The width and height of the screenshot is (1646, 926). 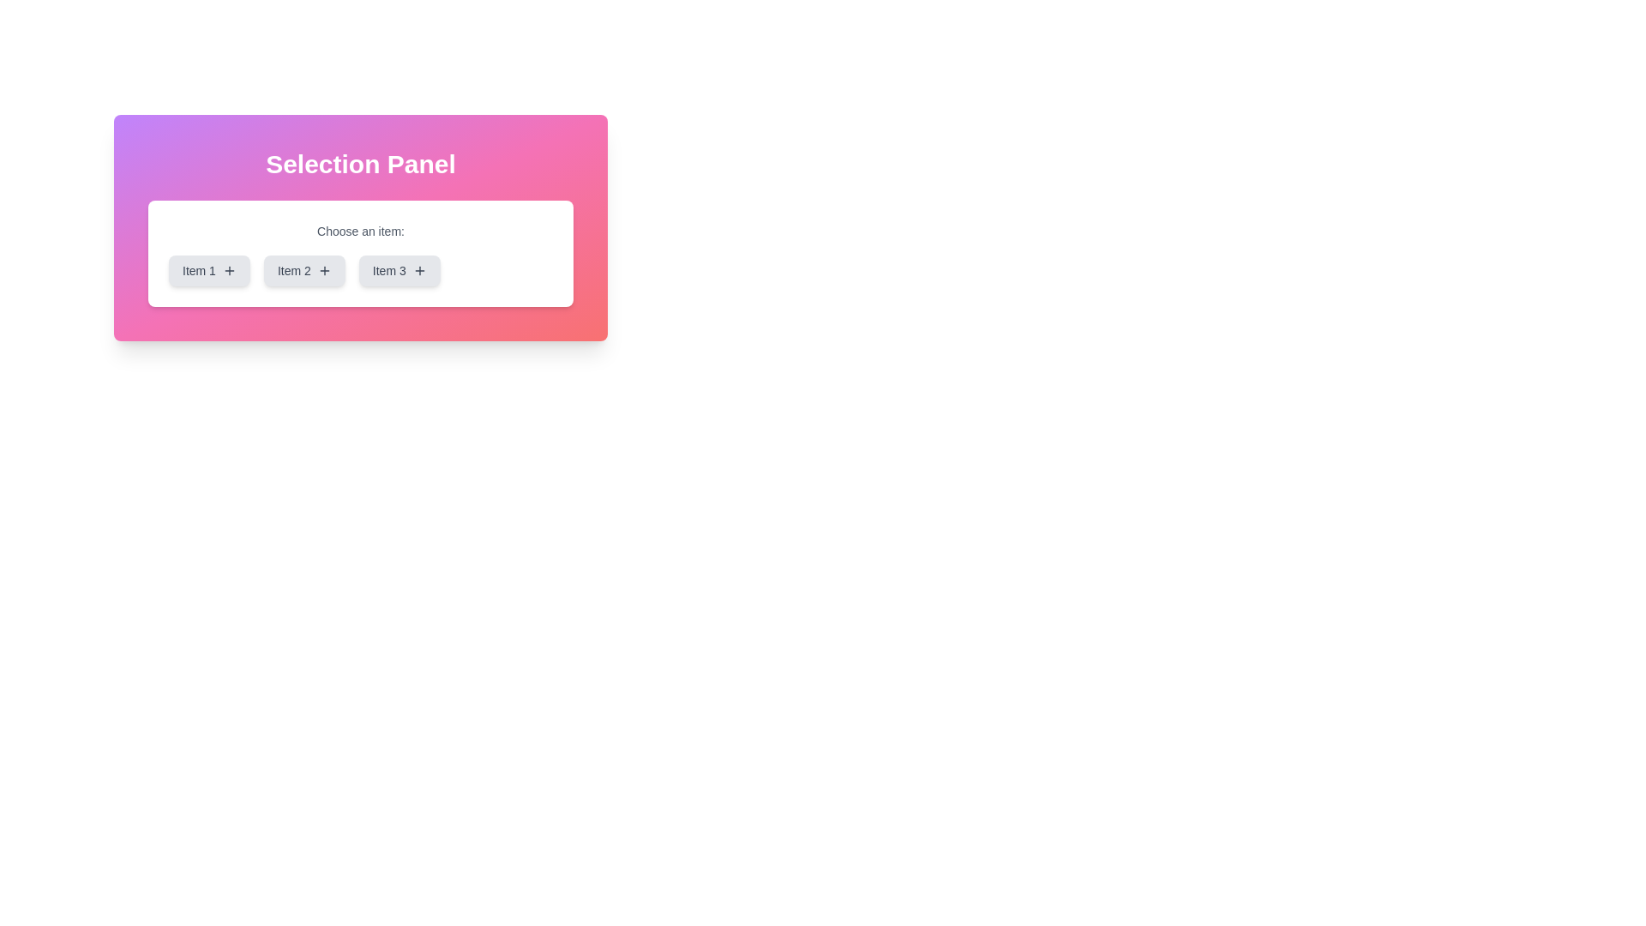 I want to click on the button labeled 'Item 2' which has a light gray background and is positioned between 'Item 1' and 'Item 3', so click(x=304, y=270).